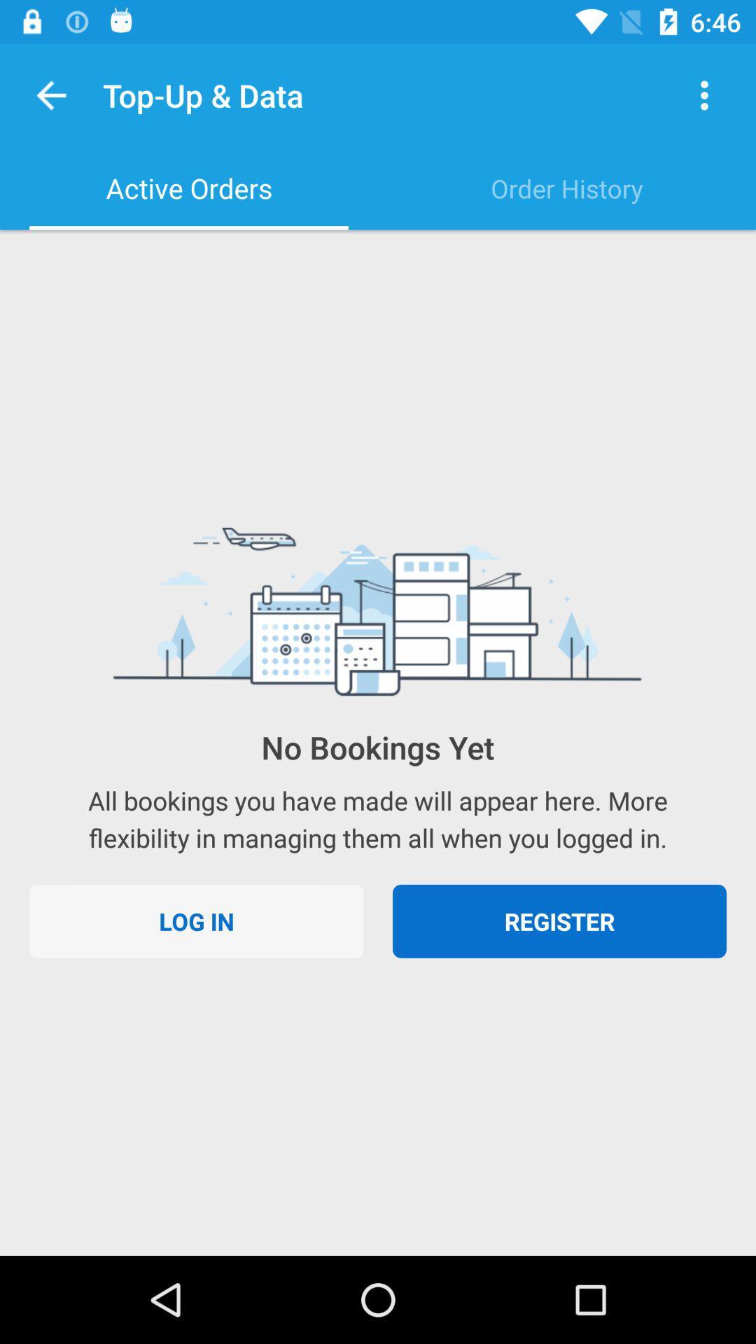  What do you see at coordinates (189, 188) in the screenshot?
I see `the active orders icon` at bounding box center [189, 188].